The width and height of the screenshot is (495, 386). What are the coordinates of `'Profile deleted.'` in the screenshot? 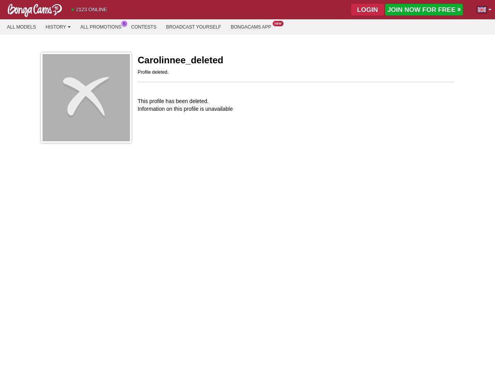 It's located at (153, 72).